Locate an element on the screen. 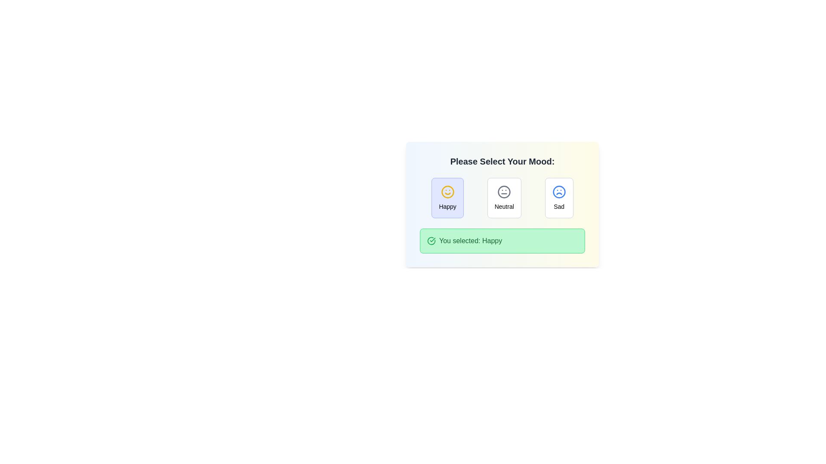  the second mood option in the horizontal selection group, which consists of 'Happy', 'Neutral', and 'Sad' is located at coordinates (502, 198).